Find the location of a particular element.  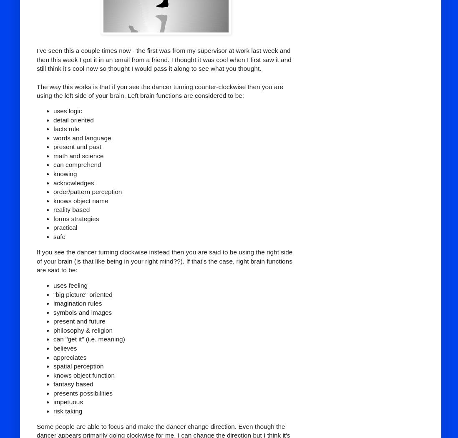

'fantasy based' is located at coordinates (53, 383).